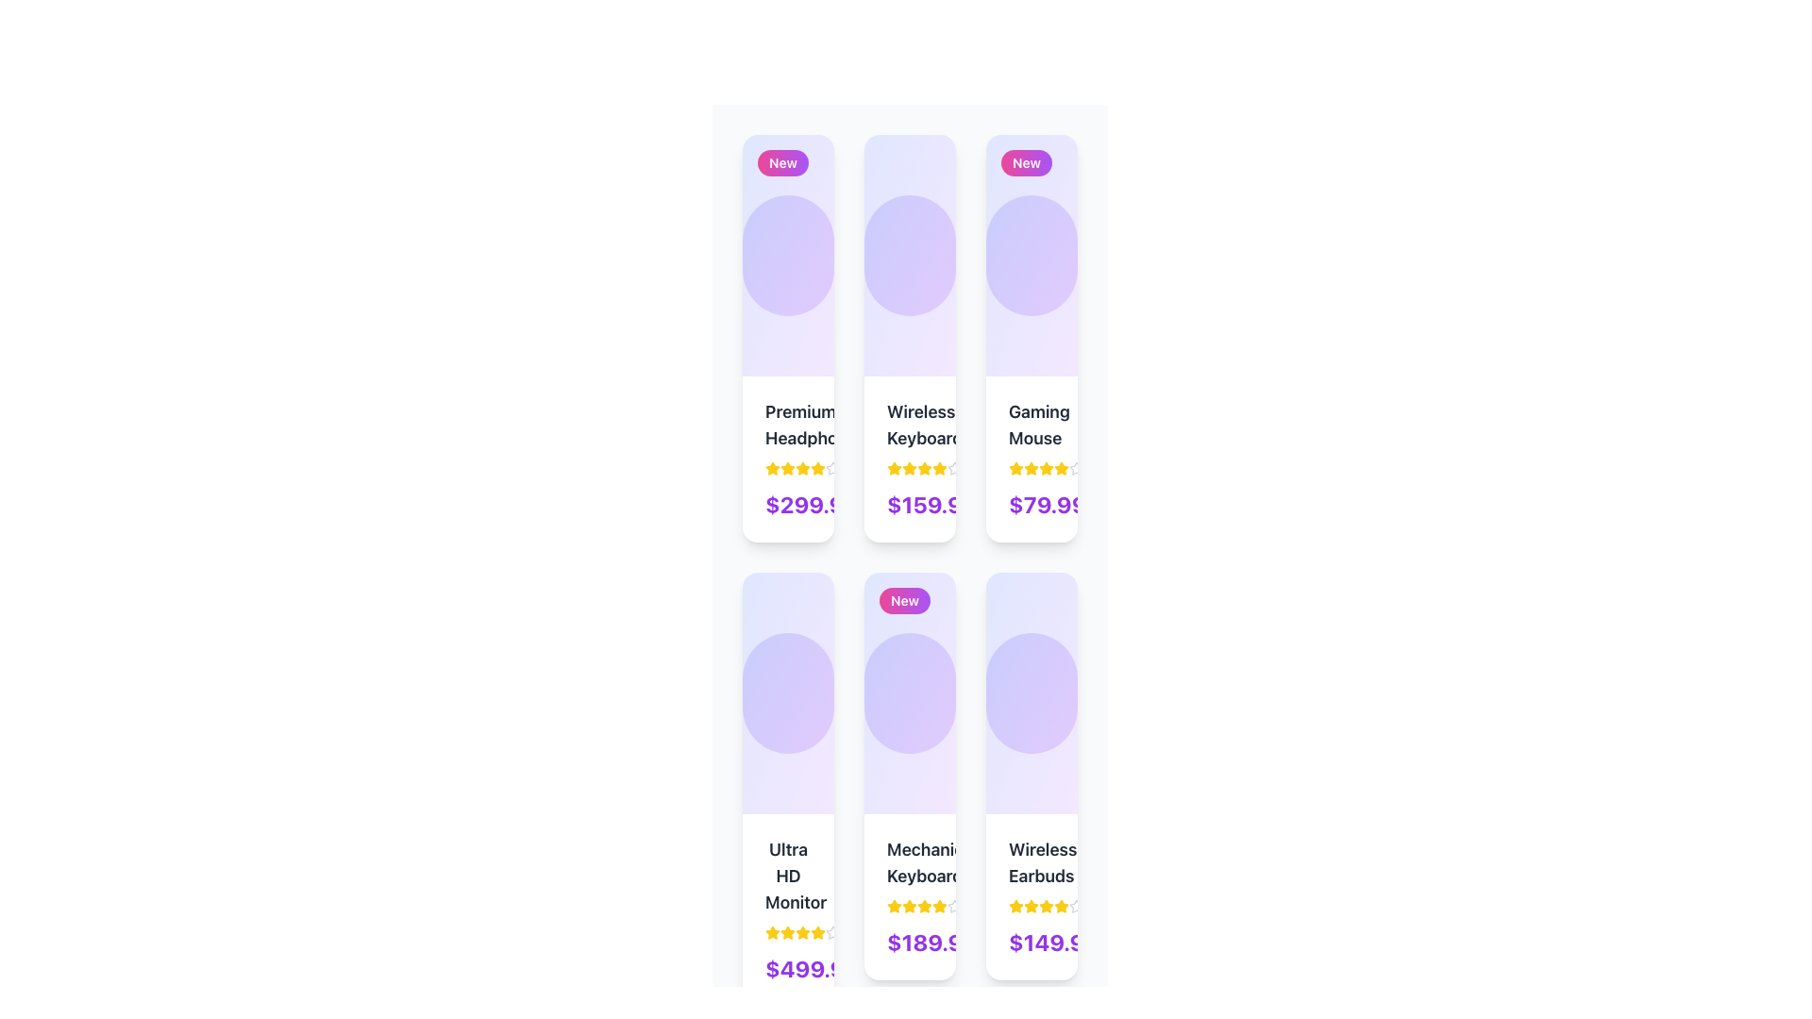 The width and height of the screenshot is (1812, 1019). What do you see at coordinates (802, 931) in the screenshot?
I see `the fourth star icon with a yellow fill color and outer border, representing the rating for the 'Ultra HD Monitor' product, located below the product description and above the price section` at bounding box center [802, 931].